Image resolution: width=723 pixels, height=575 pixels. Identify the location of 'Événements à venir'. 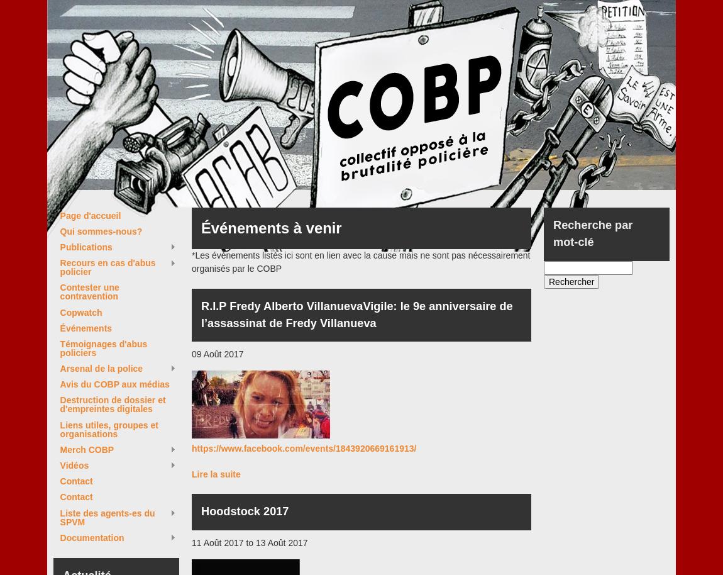
(271, 227).